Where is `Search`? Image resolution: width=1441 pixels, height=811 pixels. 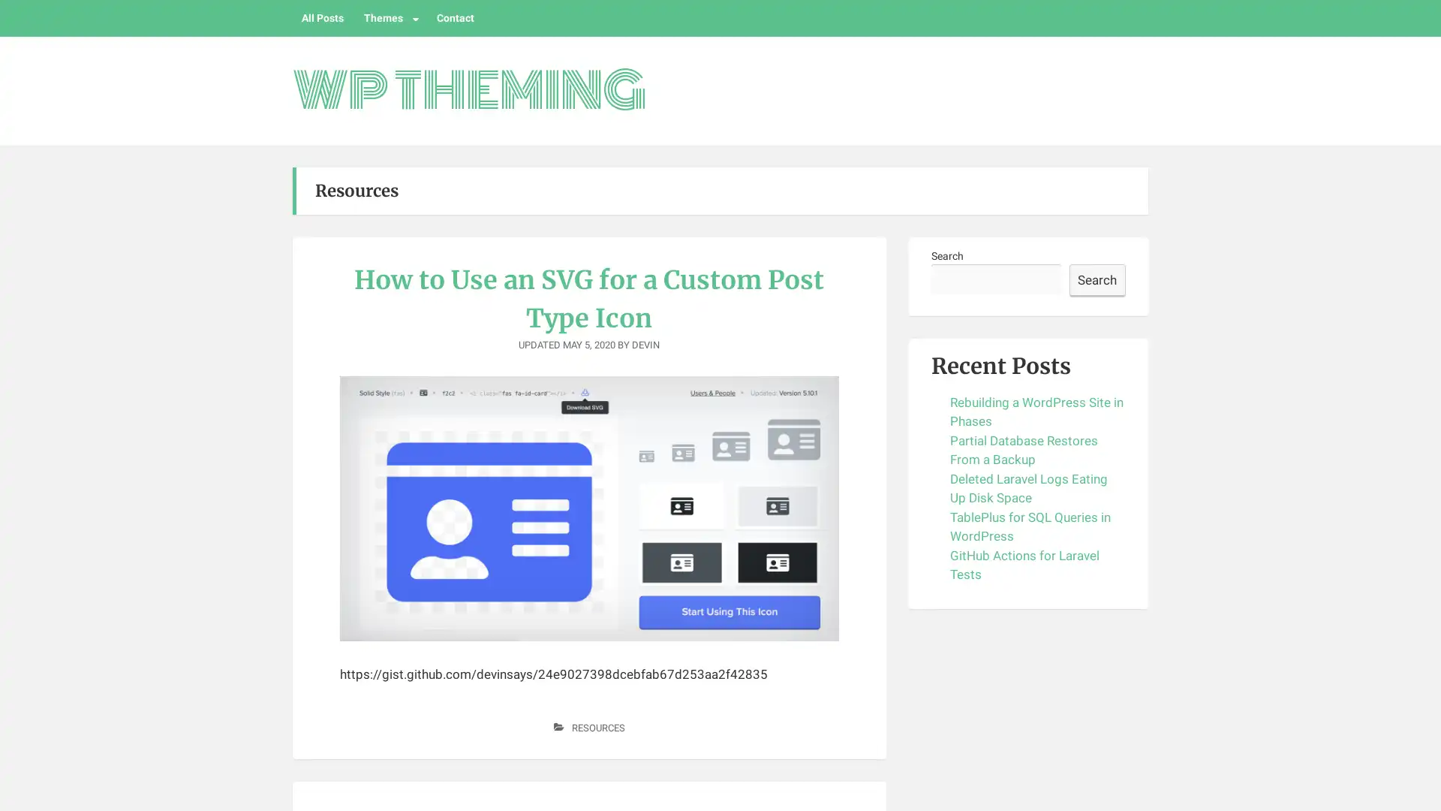 Search is located at coordinates (1097, 280).